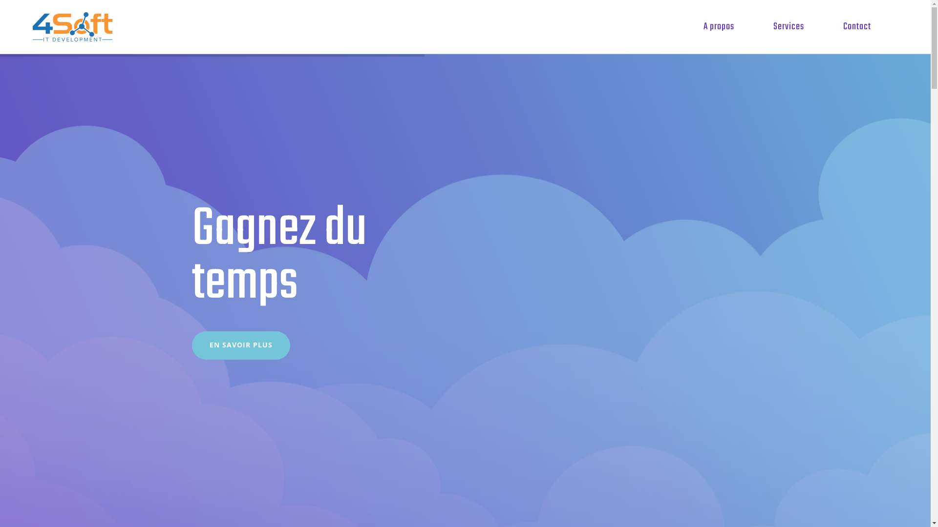 The height and width of the screenshot is (527, 938). Describe the element at coordinates (856, 26) in the screenshot. I see `'Contact'` at that location.